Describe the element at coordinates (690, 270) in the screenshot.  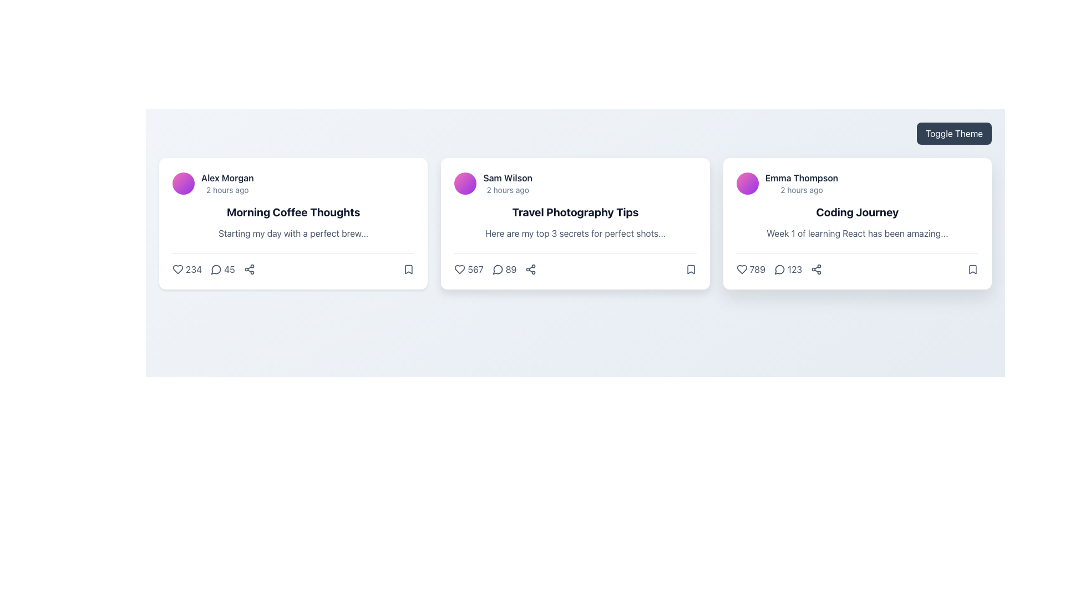
I see `the bookmark icon, which is a small vertical rectangle with a triangular cut at the top, located at the bottom-right corner of the third card in a horizontal list of cards` at that location.